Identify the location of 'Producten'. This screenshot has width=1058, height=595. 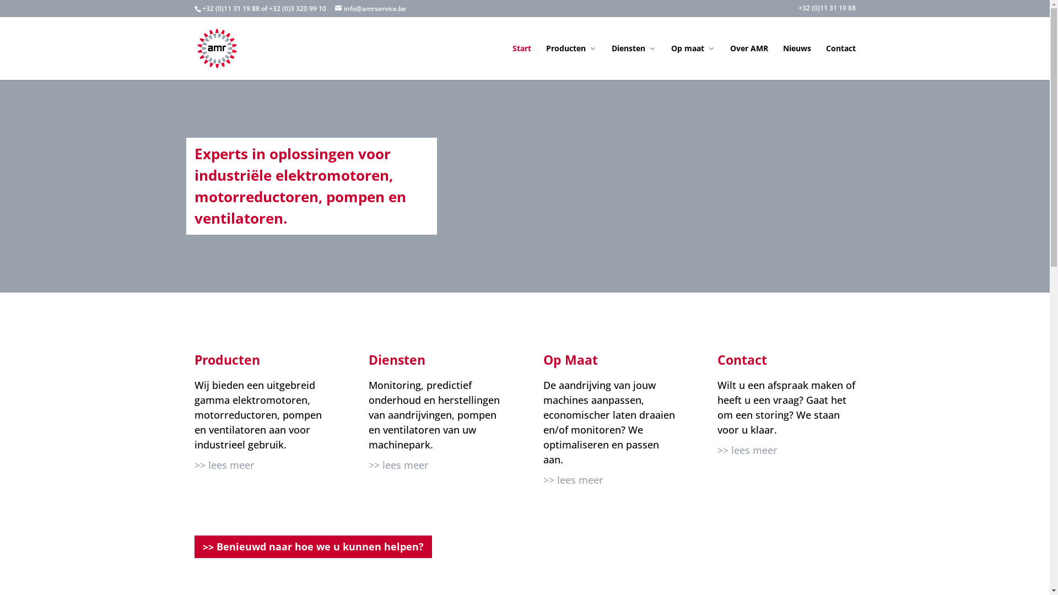
(571, 62).